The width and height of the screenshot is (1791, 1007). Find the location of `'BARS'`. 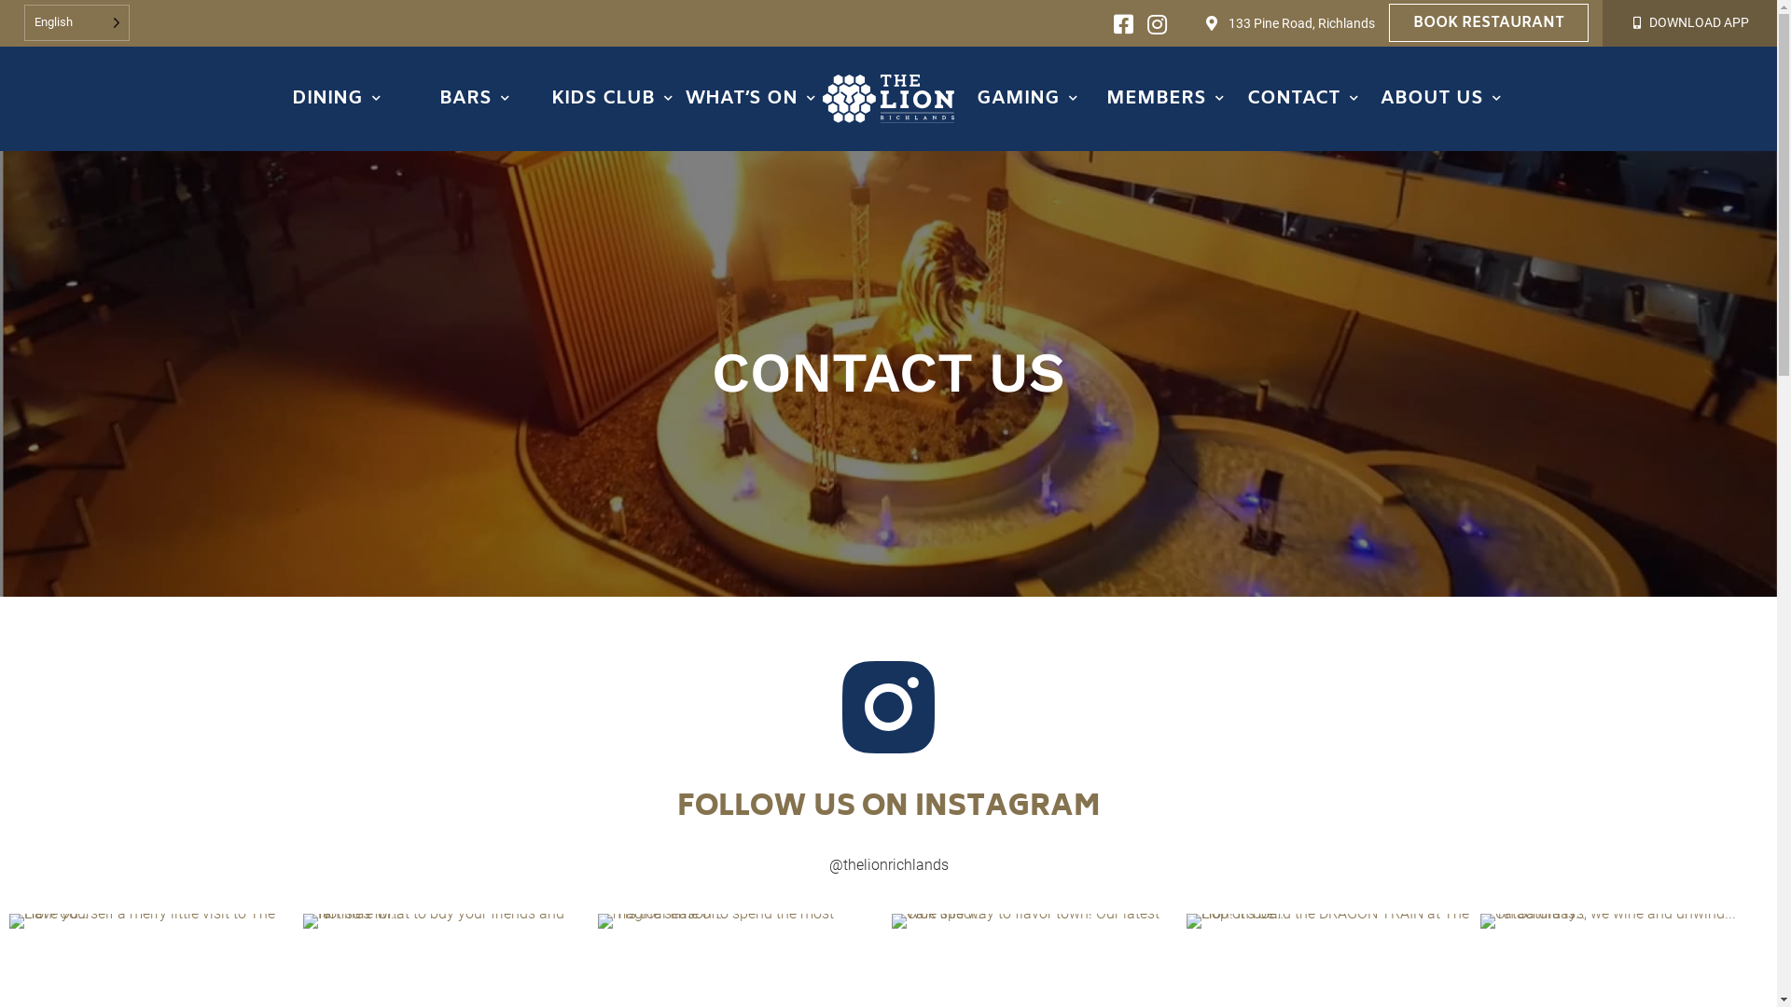

'BARS' is located at coordinates (474, 98).